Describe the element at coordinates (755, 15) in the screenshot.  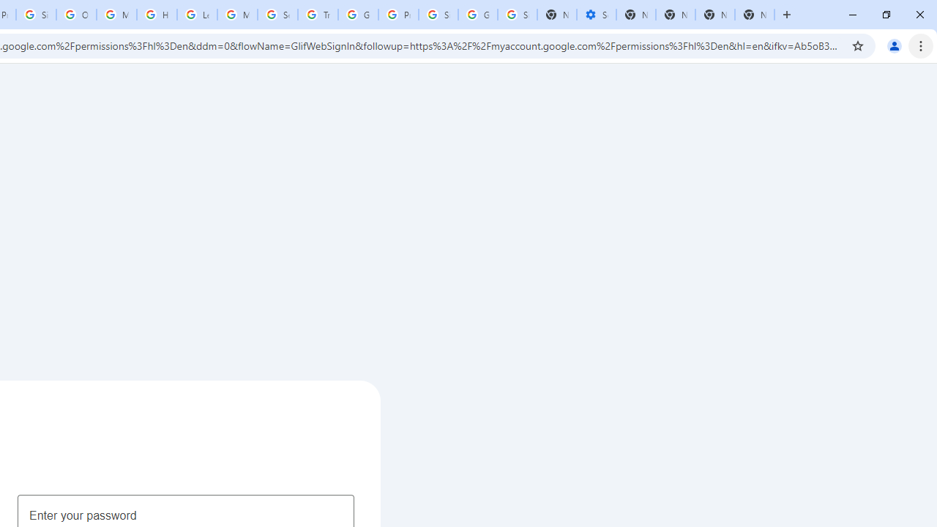
I see `'New Tab'` at that location.